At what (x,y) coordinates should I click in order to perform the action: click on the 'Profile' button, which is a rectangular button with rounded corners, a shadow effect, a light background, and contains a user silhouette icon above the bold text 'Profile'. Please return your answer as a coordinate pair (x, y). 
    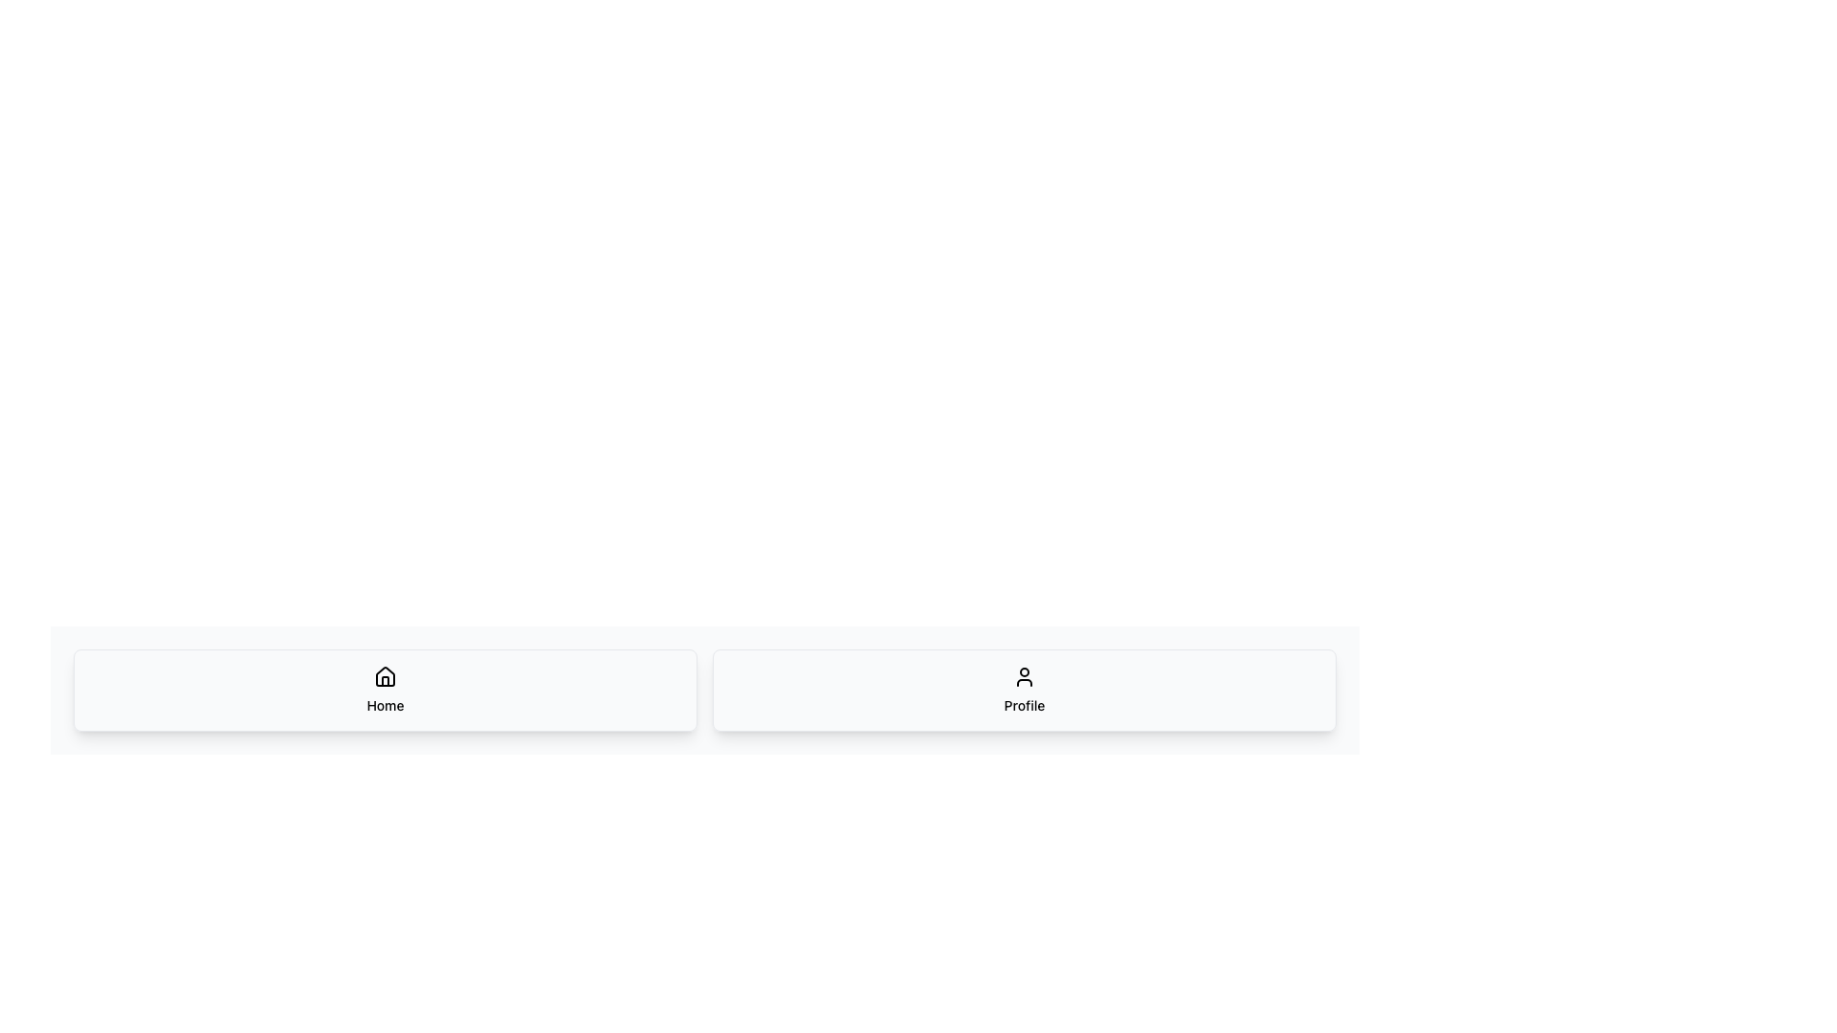
    Looking at the image, I should click on (1023, 690).